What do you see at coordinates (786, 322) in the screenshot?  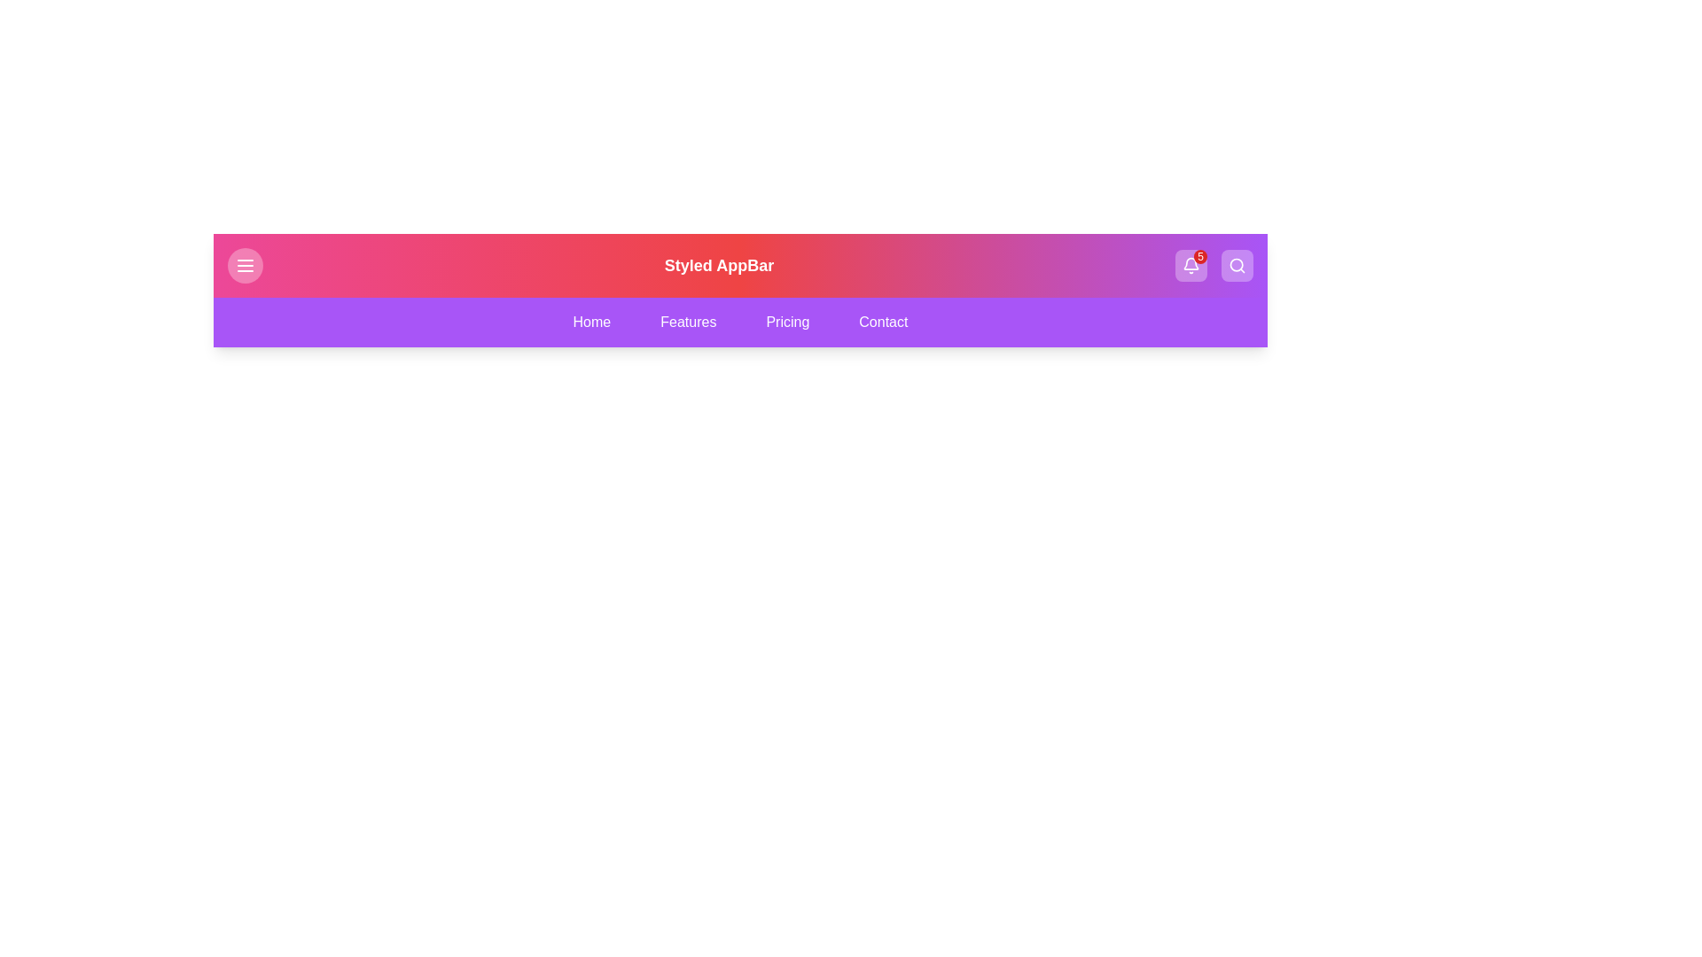 I see `the navigation tab labeled Pricing` at bounding box center [786, 322].